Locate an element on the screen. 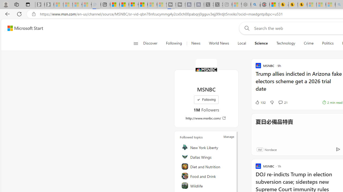 The image size is (343, 192). 'Local' is located at coordinates (241, 43).